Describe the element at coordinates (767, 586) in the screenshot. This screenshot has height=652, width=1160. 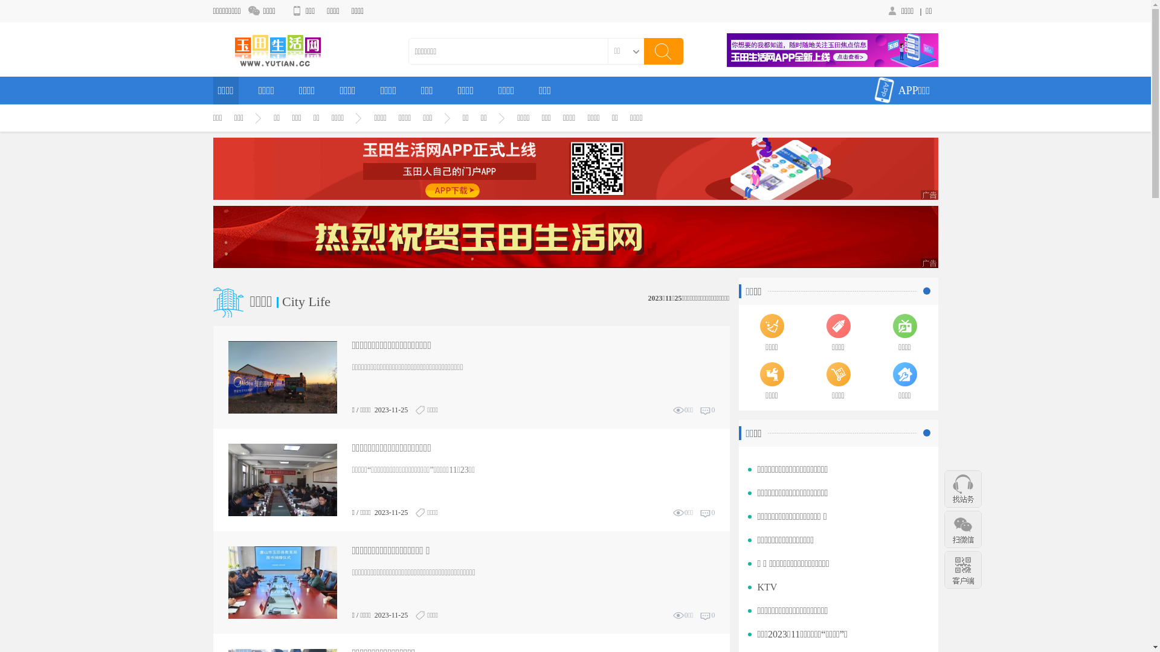
I see `'KTV'` at that location.